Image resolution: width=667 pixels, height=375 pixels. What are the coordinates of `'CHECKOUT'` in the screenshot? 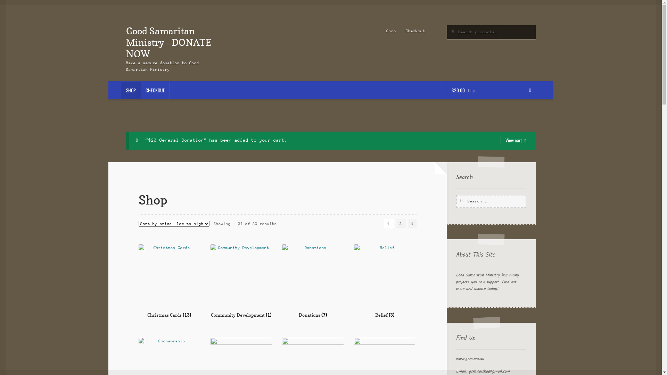 It's located at (155, 90).